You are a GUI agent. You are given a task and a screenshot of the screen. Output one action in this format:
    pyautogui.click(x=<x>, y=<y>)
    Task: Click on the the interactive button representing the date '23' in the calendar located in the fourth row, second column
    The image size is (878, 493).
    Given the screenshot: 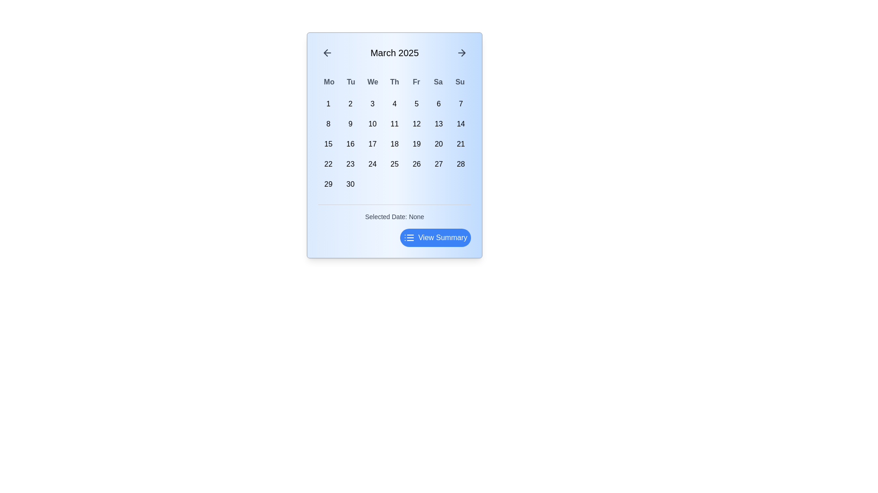 What is the action you would take?
    pyautogui.click(x=350, y=163)
    